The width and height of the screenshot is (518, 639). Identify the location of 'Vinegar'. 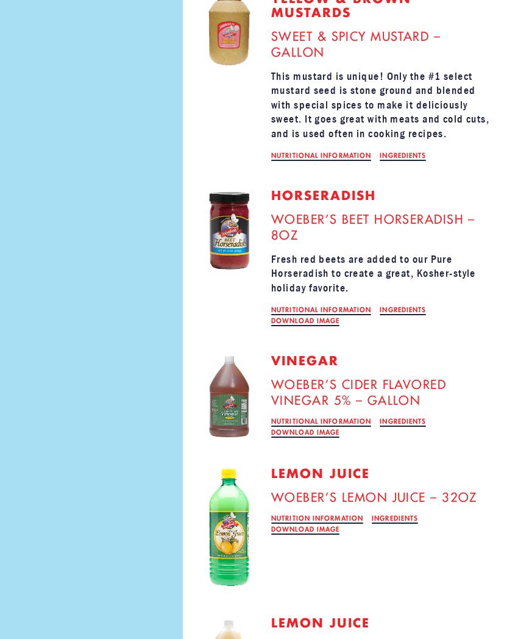
(305, 360).